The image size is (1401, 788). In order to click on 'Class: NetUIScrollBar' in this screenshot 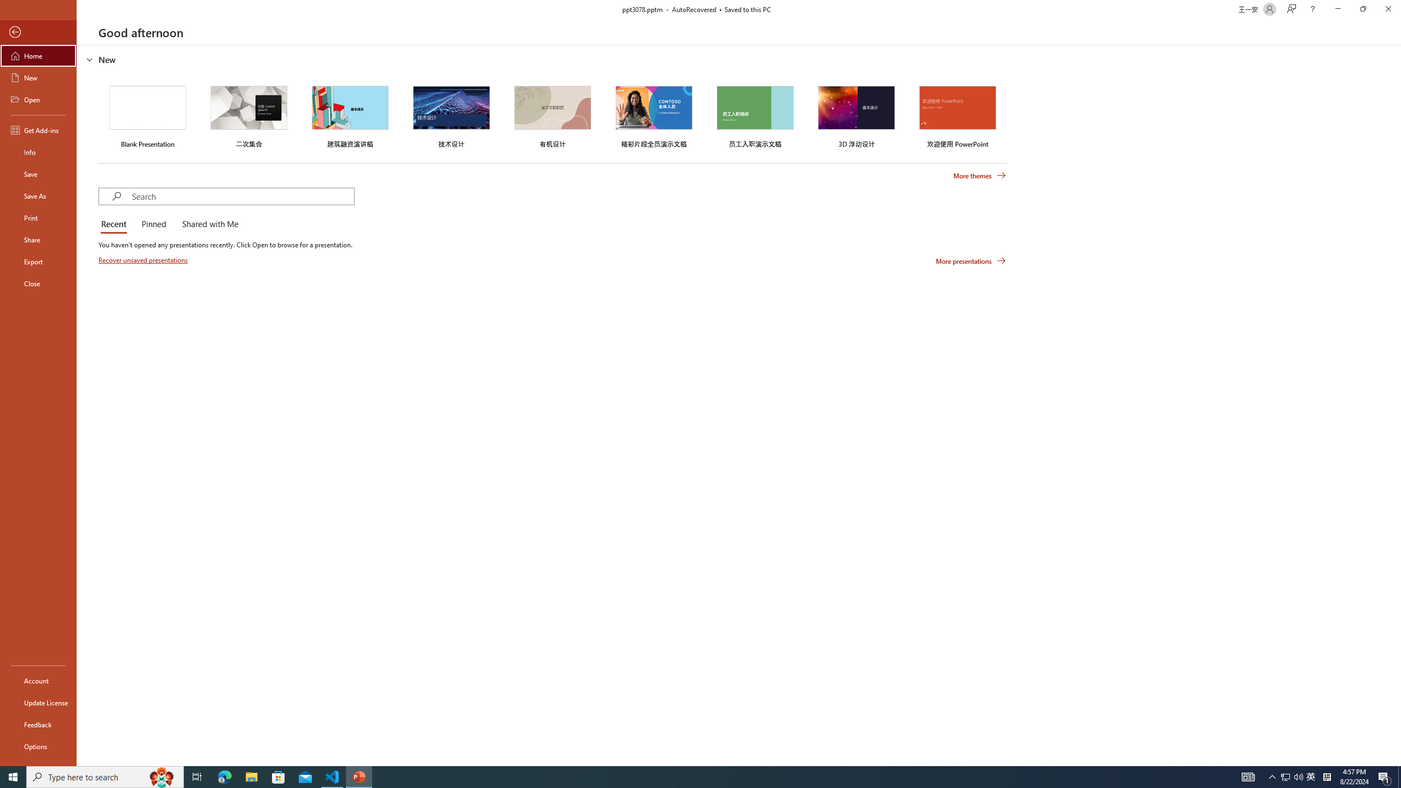, I will do `click(1396, 405)`.